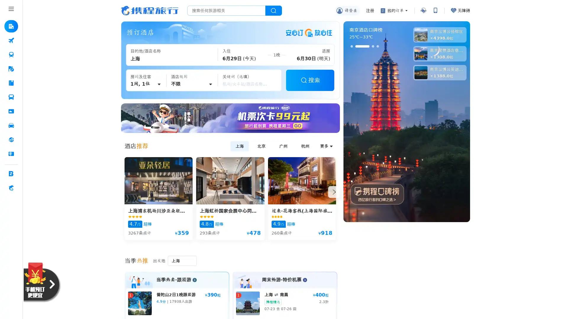  What do you see at coordinates (377, 46) in the screenshot?
I see `Go to slide 4` at bounding box center [377, 46].